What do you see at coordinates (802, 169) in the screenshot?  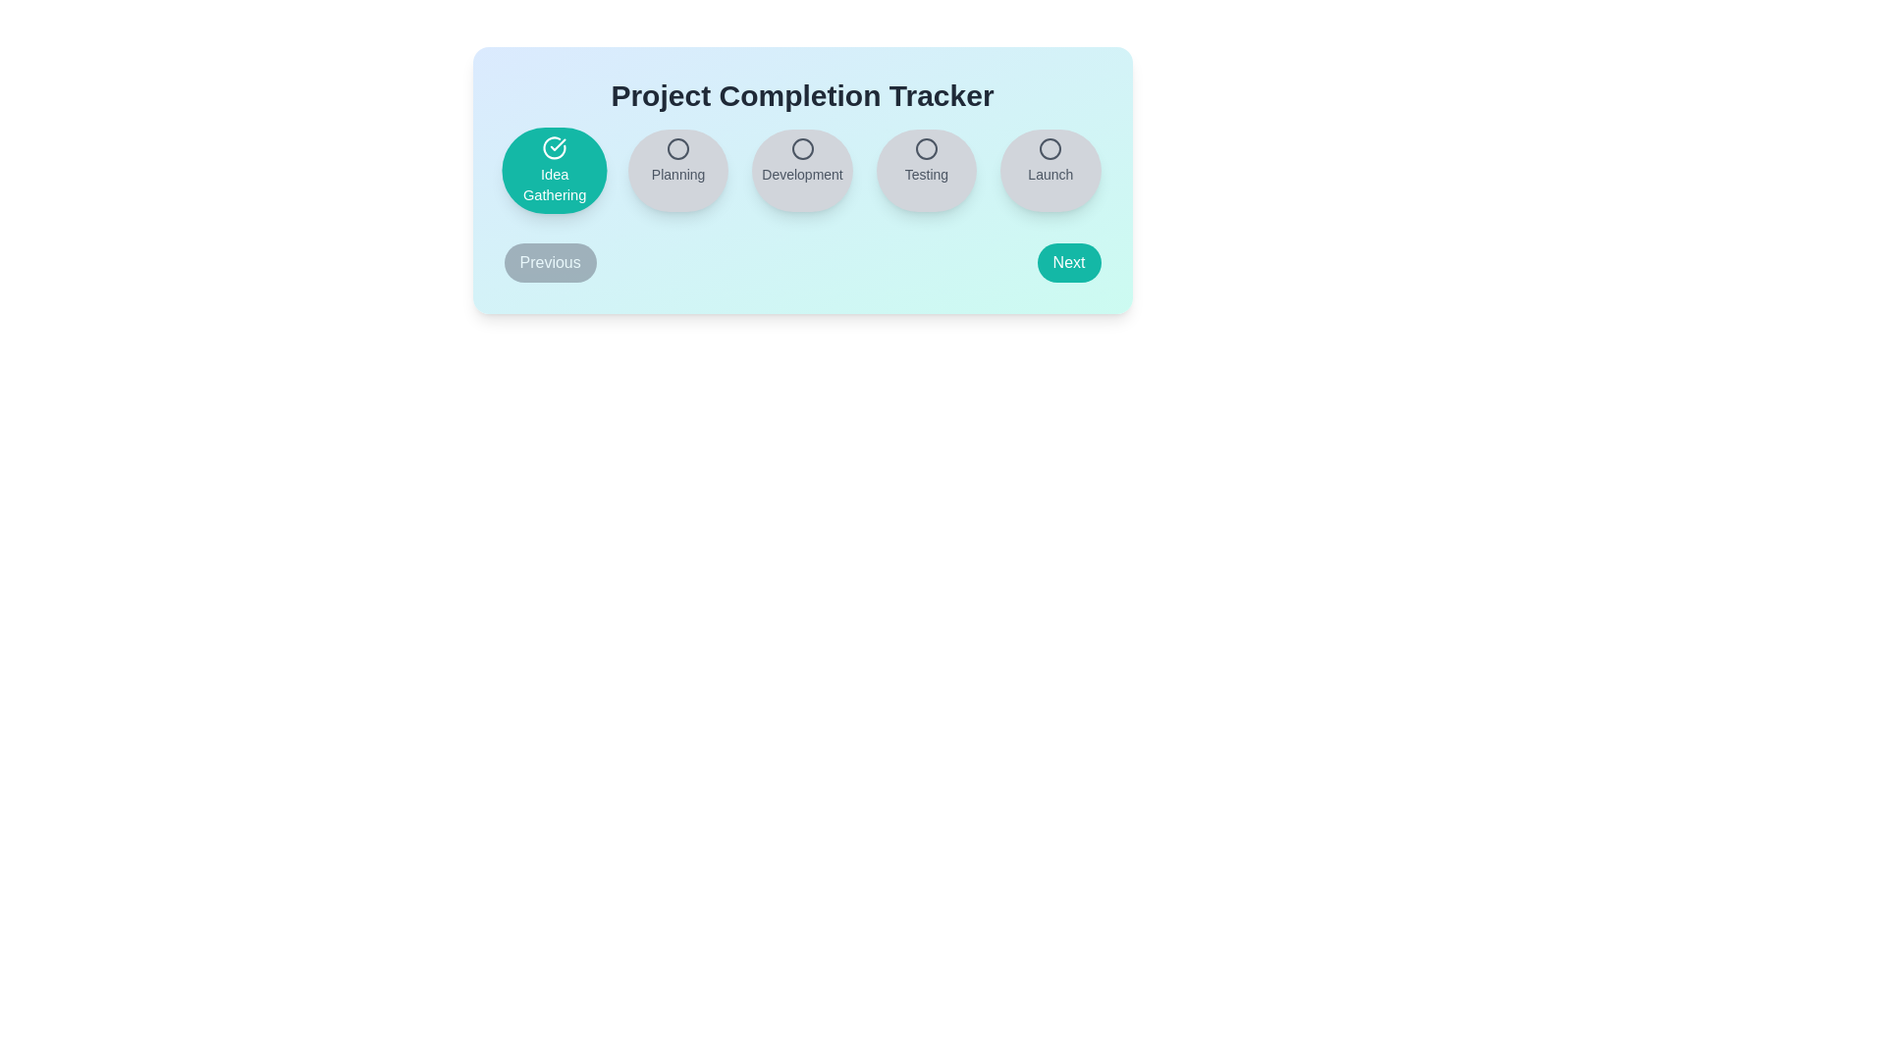 I see `the circular button representing the 'Development' stage in the project workflow located below the 'Project Completion Tracker' heading` at bounding box center [802, 169].